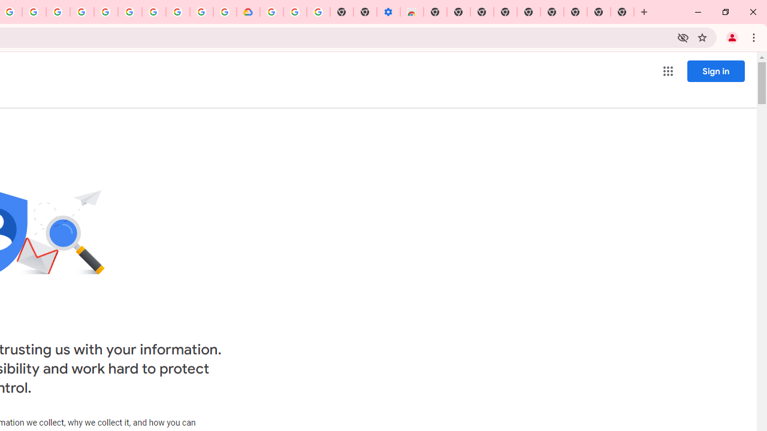 Image resolution: width=767 pixels, height=431 pixels. What do you see at coordinates (81, 12) in the screenshot?
I see `'Ad Settings'` at bounding box center [81, 12].